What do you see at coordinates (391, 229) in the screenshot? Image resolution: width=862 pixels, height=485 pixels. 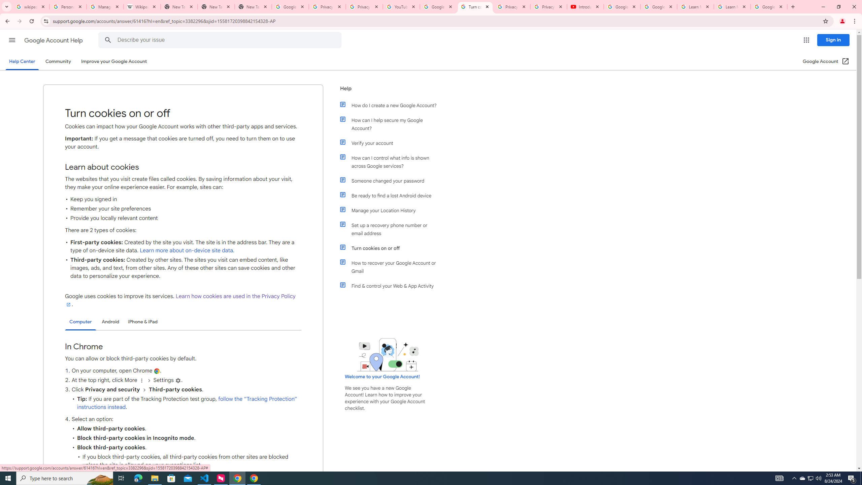 I see `'Set up a recovery phone number or email address'` at bounding box center [391, 229].